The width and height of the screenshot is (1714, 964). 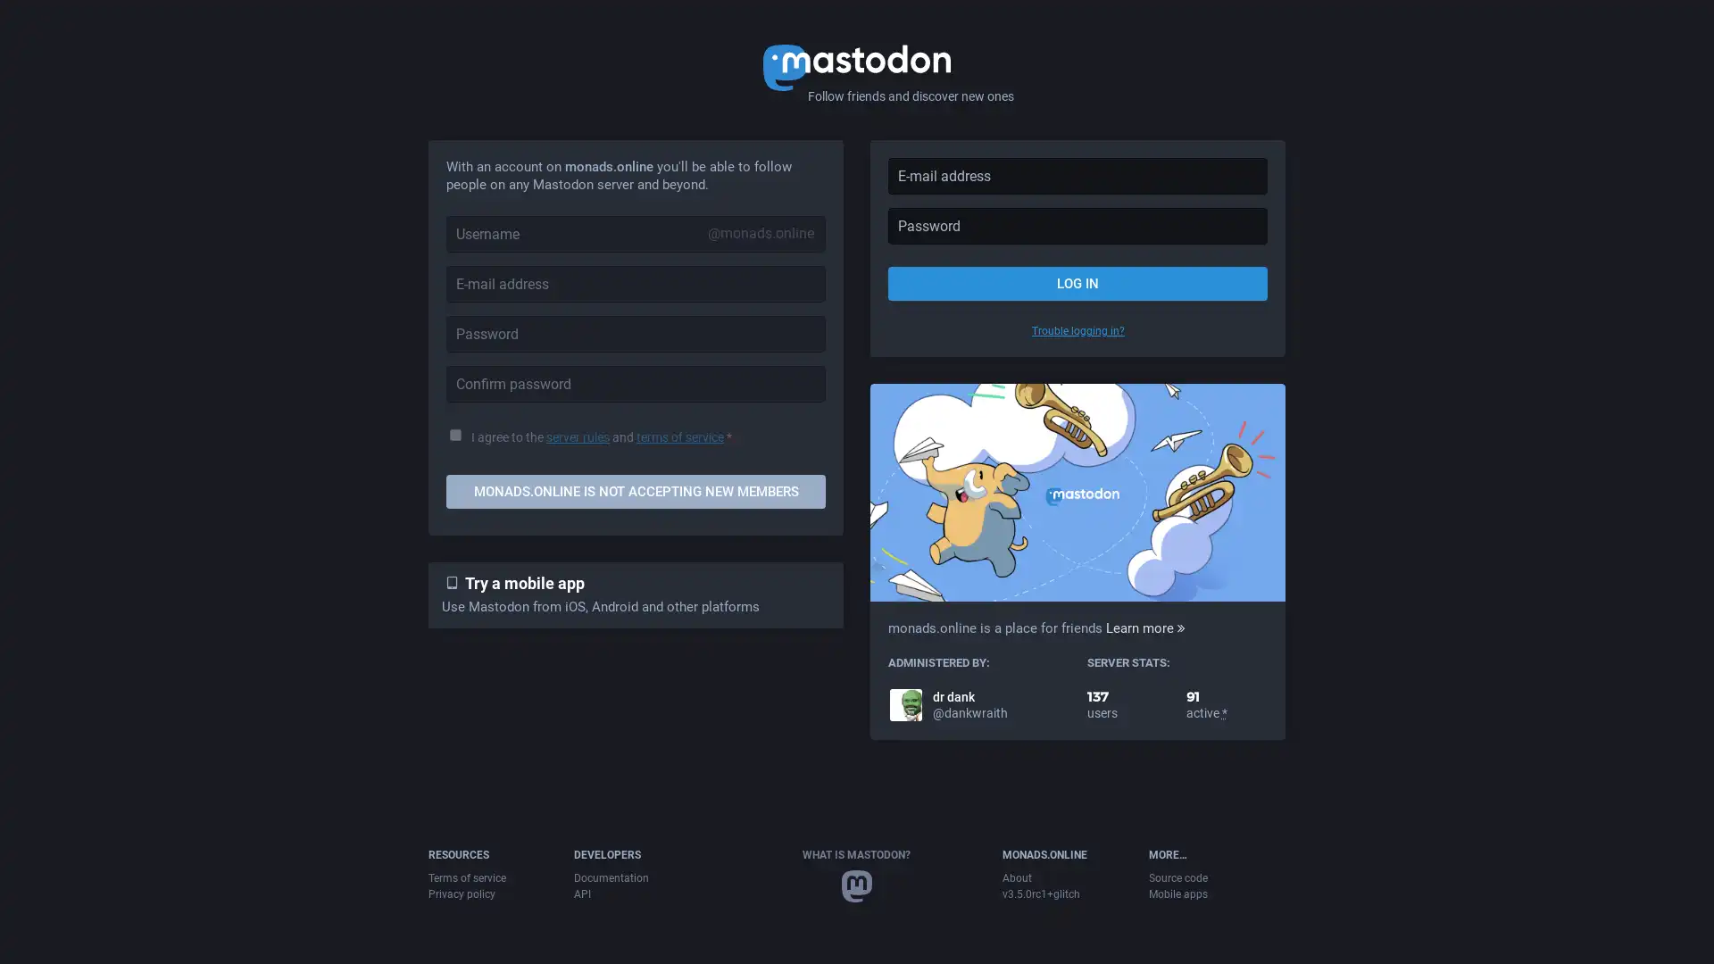 I want to click on MONADS.ONLINE IS NOT ACCEPTING NEW MEMBERS, so click(x=636, y=492).